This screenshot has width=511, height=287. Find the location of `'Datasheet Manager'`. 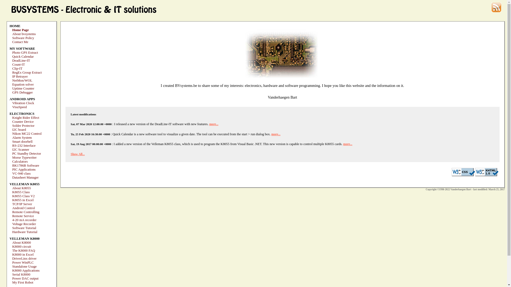

'Datasheet Manager' is located at coordinates (25, 177).